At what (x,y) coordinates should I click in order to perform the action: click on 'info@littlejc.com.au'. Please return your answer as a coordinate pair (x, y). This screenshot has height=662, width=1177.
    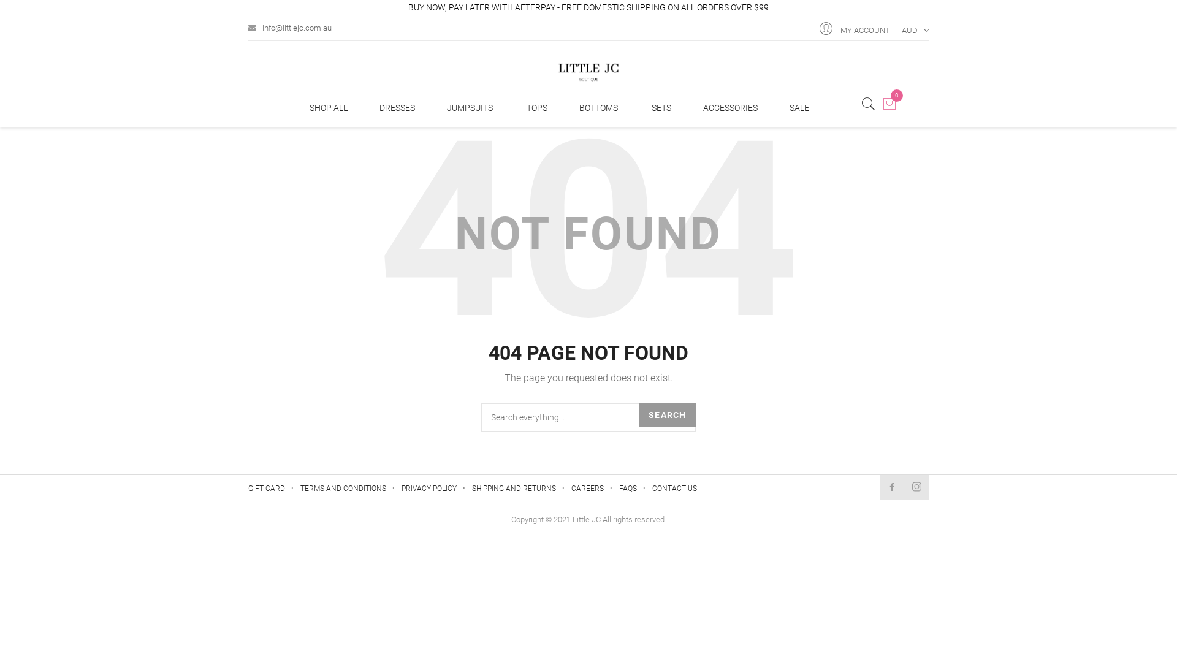
    Looking at the image, I should click on (247, 25).